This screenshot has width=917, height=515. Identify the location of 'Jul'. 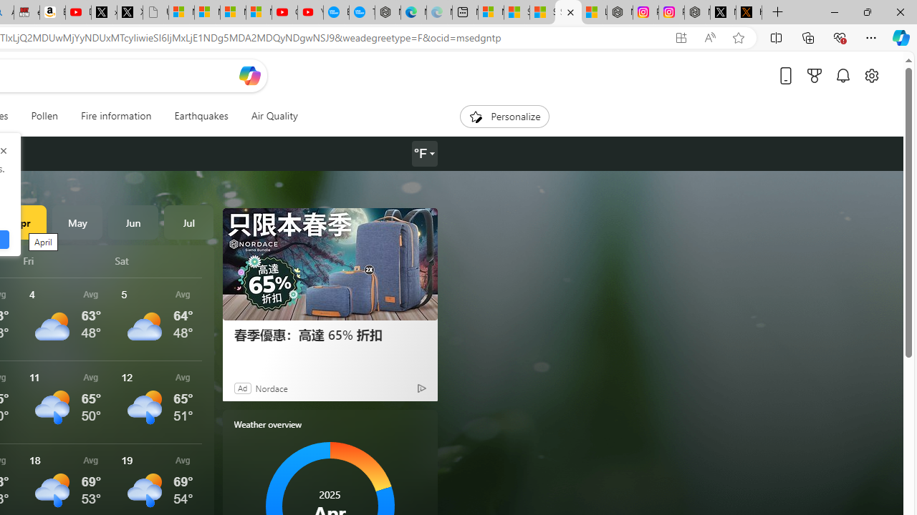
(188, 222).